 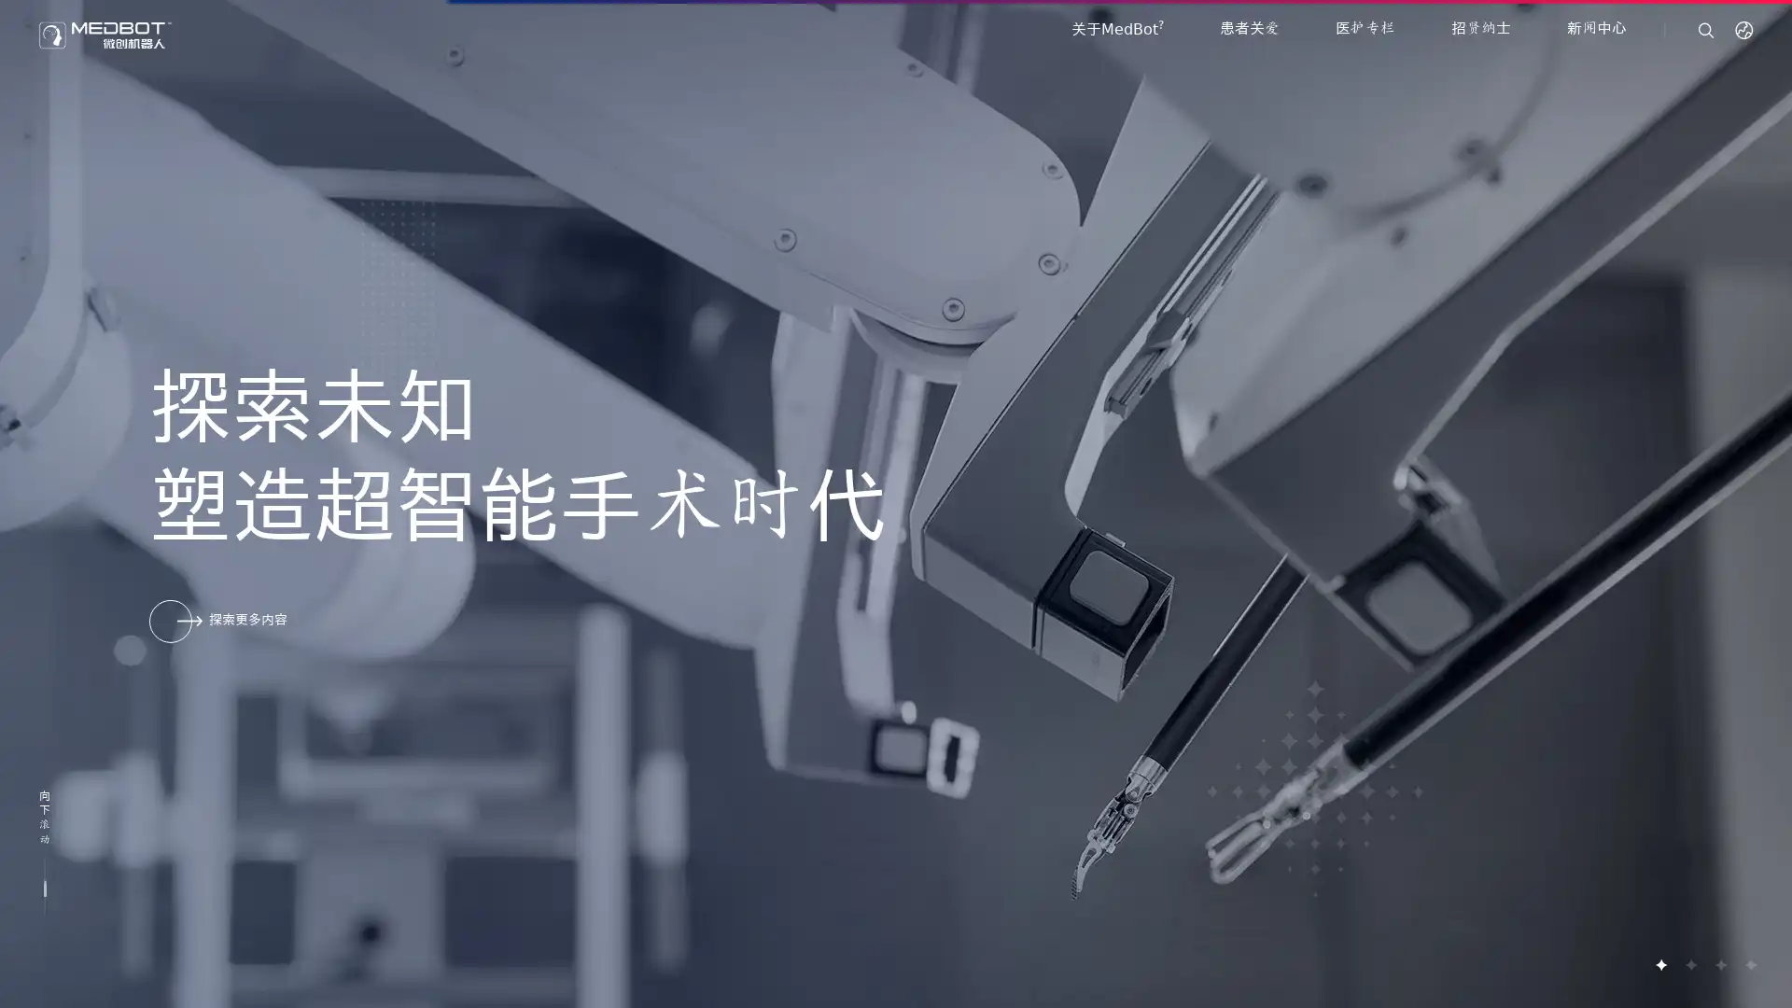 I want to click on Go to slide 2, so click(x=1689, y=964).